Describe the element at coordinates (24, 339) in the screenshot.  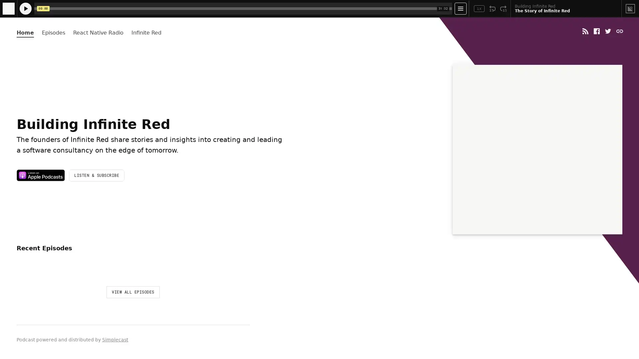
I see `Play` at that location.